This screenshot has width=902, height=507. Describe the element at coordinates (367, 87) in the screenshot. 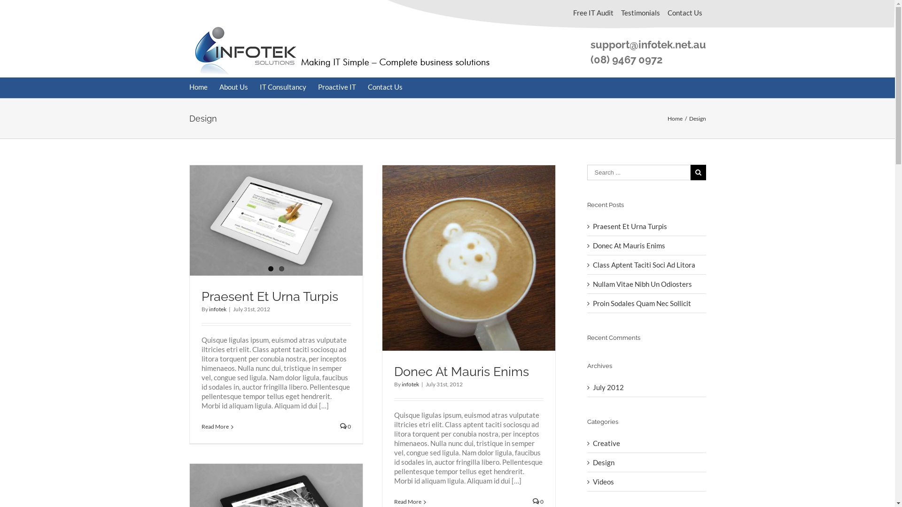

I see `'Contact Us'` at that location.